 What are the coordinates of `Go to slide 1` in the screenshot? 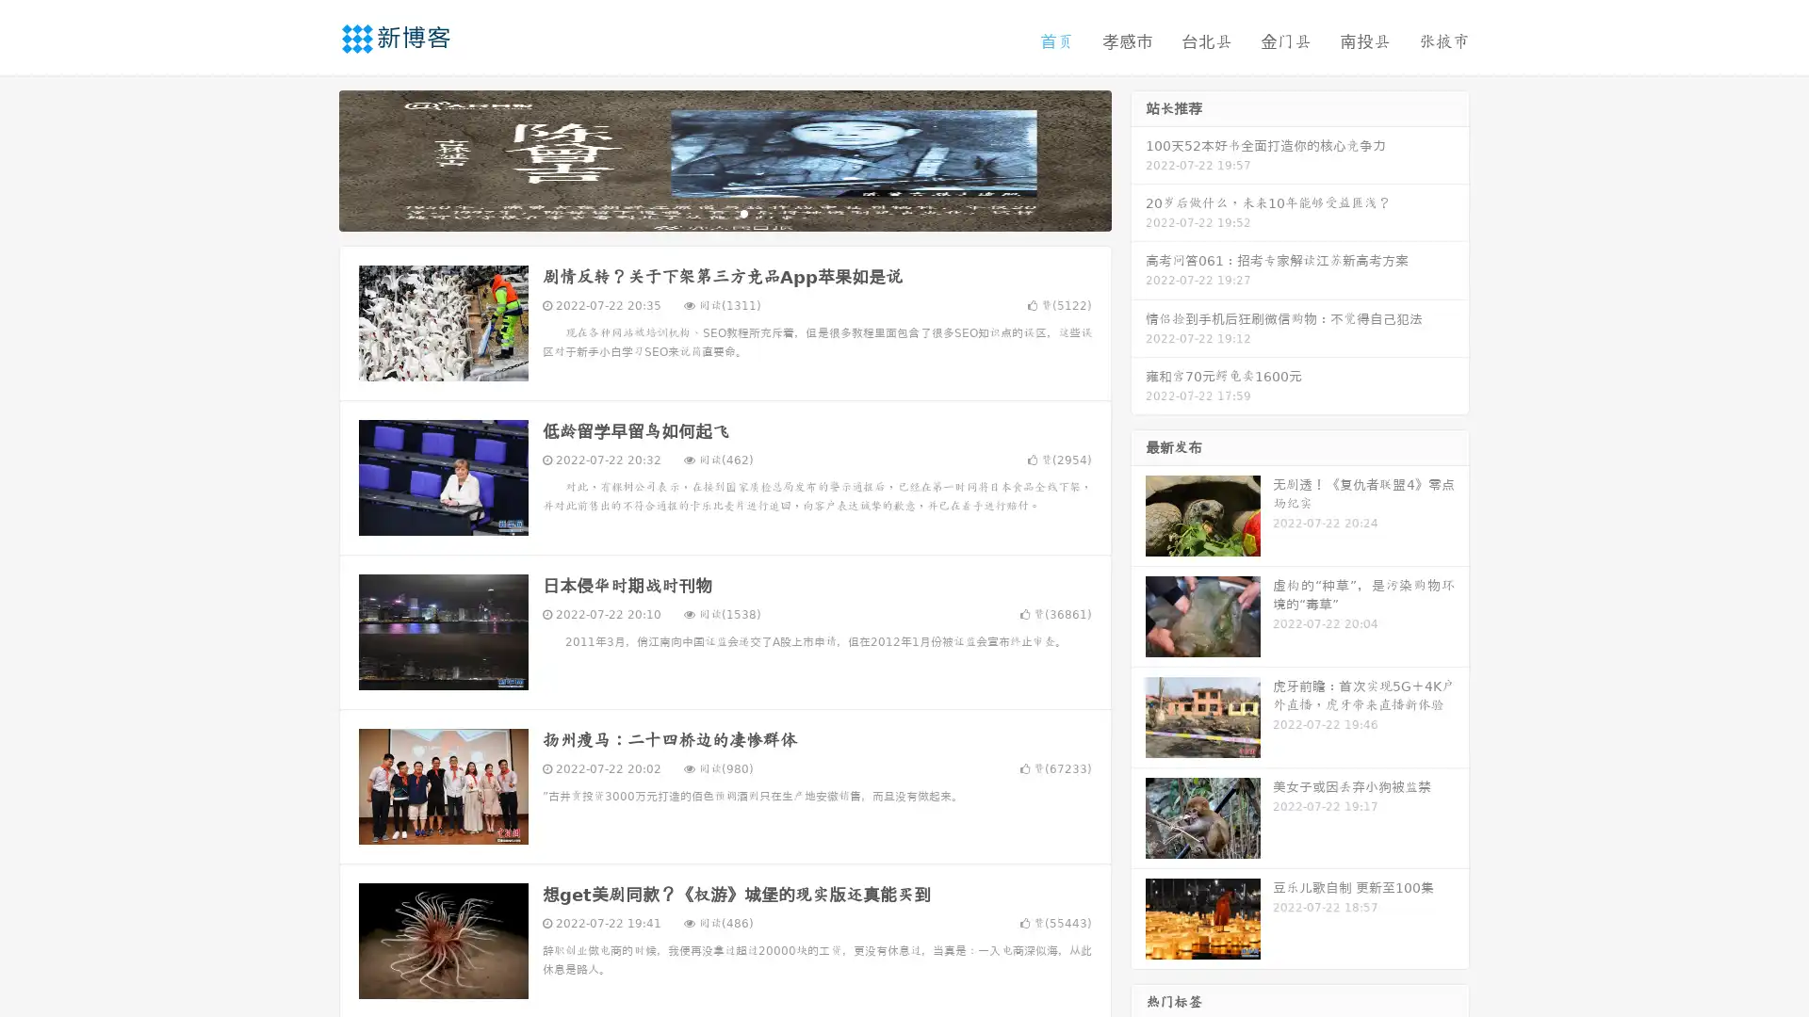 It's located at (705, 212).